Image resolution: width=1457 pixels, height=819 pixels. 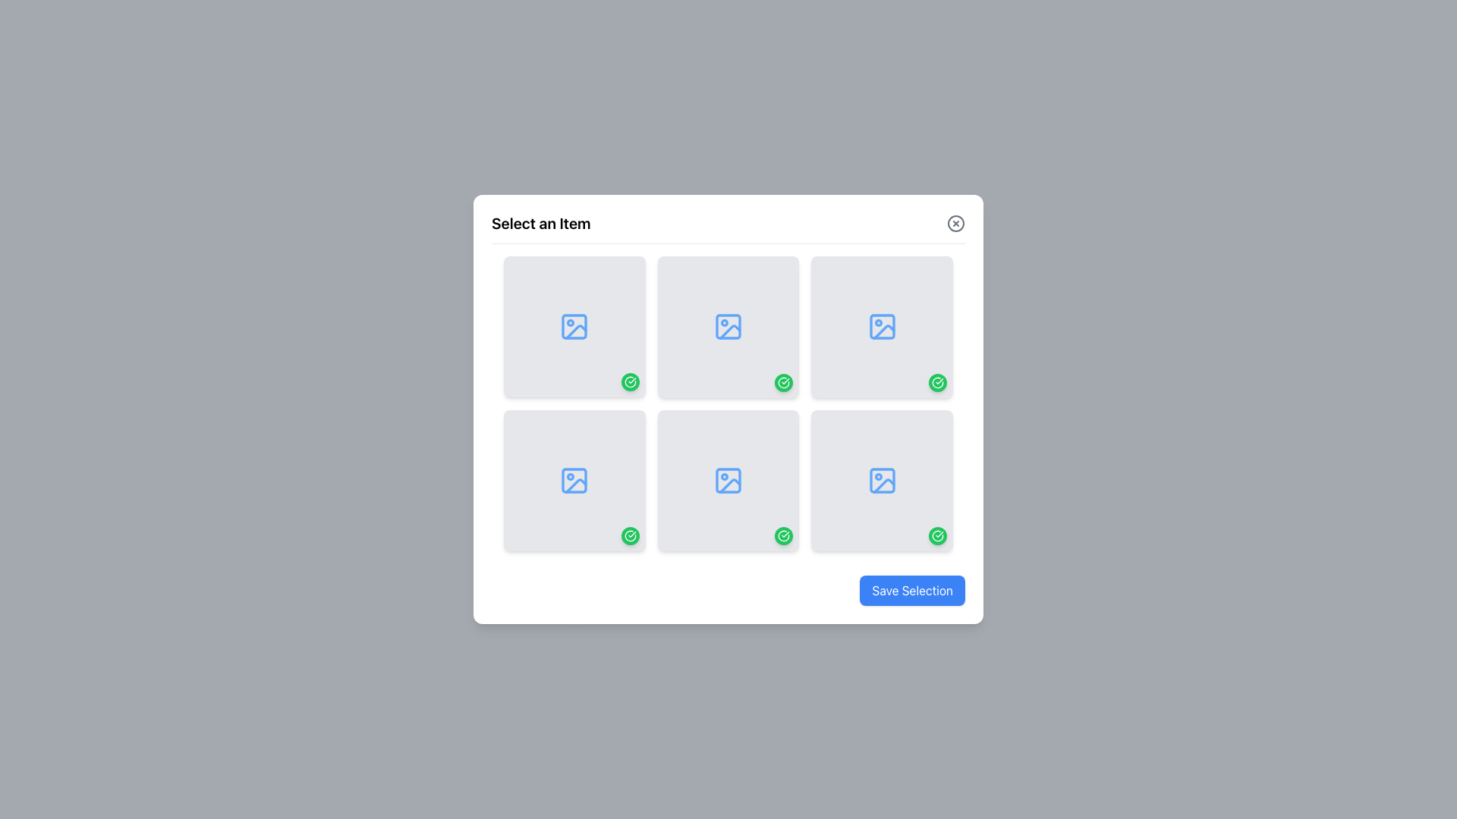 What do you see at coordinates (937, 535) in the screenshot?
I see `the status indicator button located at the bottom right corner of the grid layout` at bounding box center [937, 535].